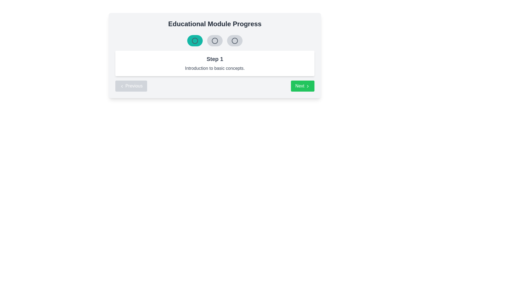 The image size is (531, 298). Describe the element at coordinates (131, 86) in the screenshot. I see `the 'Previous' button, a rectangular button with rounded corners and white text, through keyboard navigation` at that location.